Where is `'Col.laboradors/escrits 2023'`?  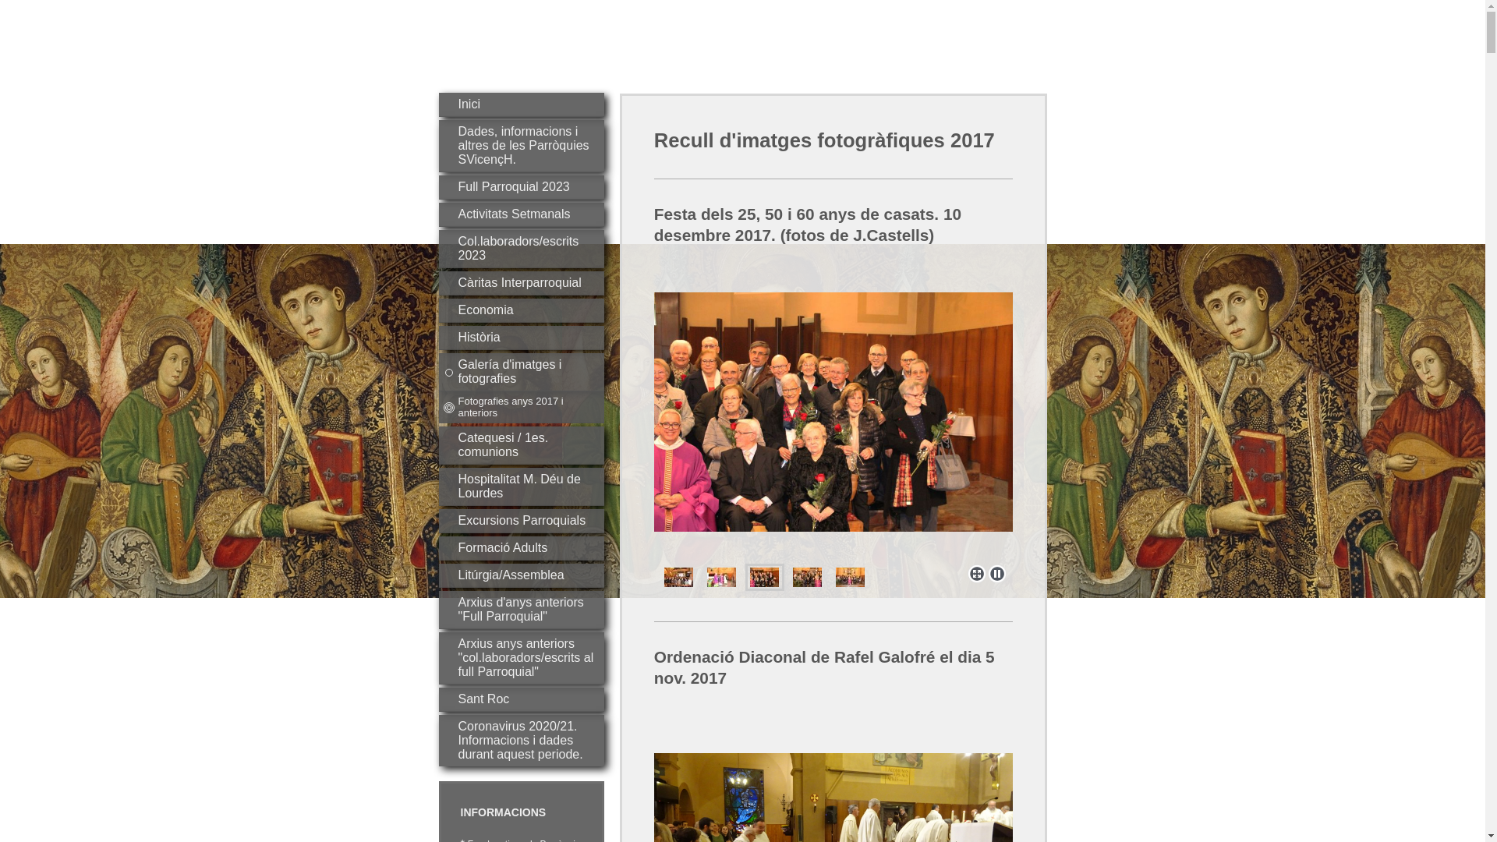 'Col.laboradors/escrits 2023' is located at coordinates (437, 248).